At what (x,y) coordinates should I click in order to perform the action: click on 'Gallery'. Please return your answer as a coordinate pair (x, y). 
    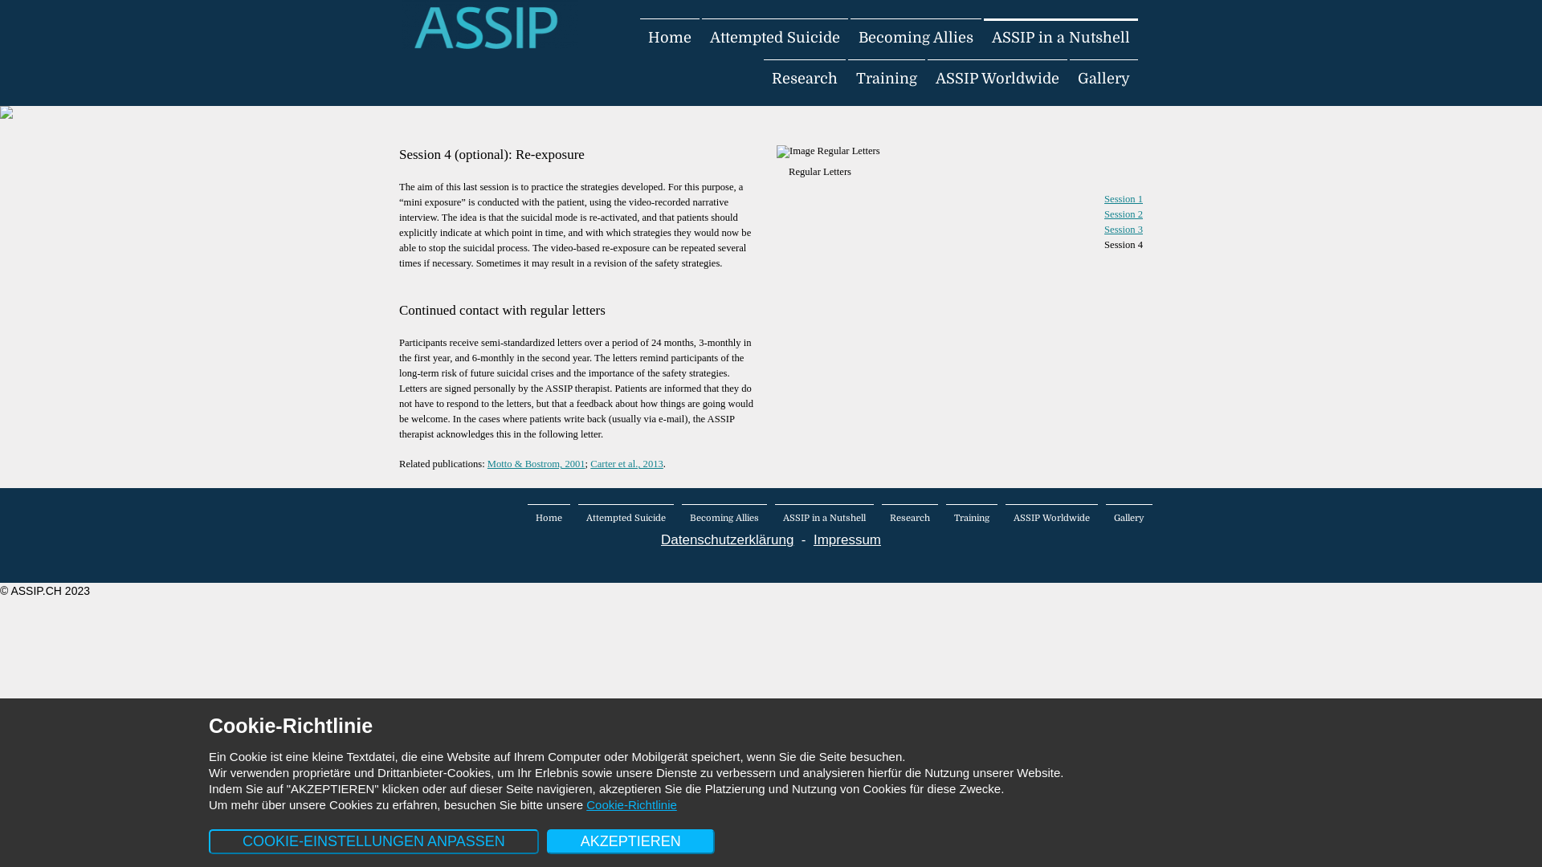
    Looking at the image, I should click on (1128, 517).